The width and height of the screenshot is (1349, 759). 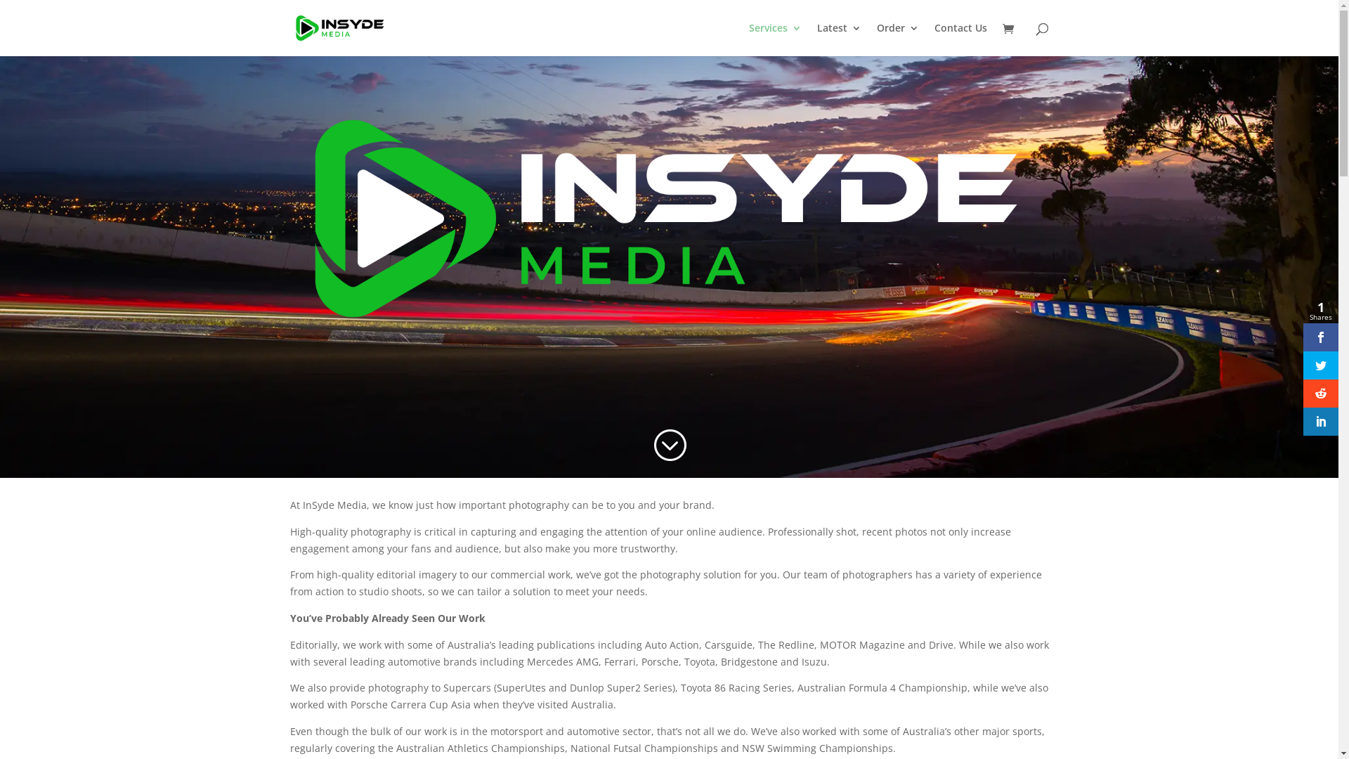 I want to click on 'Contact Us', so click(x=960, y=39).